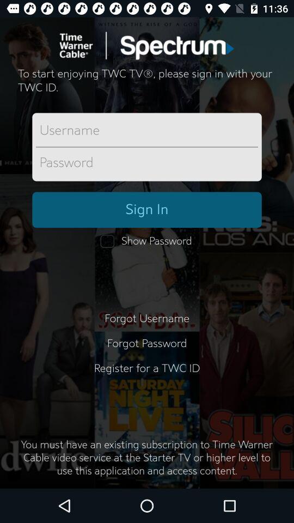  I want to click on the register for a icon, so click(147, 375).